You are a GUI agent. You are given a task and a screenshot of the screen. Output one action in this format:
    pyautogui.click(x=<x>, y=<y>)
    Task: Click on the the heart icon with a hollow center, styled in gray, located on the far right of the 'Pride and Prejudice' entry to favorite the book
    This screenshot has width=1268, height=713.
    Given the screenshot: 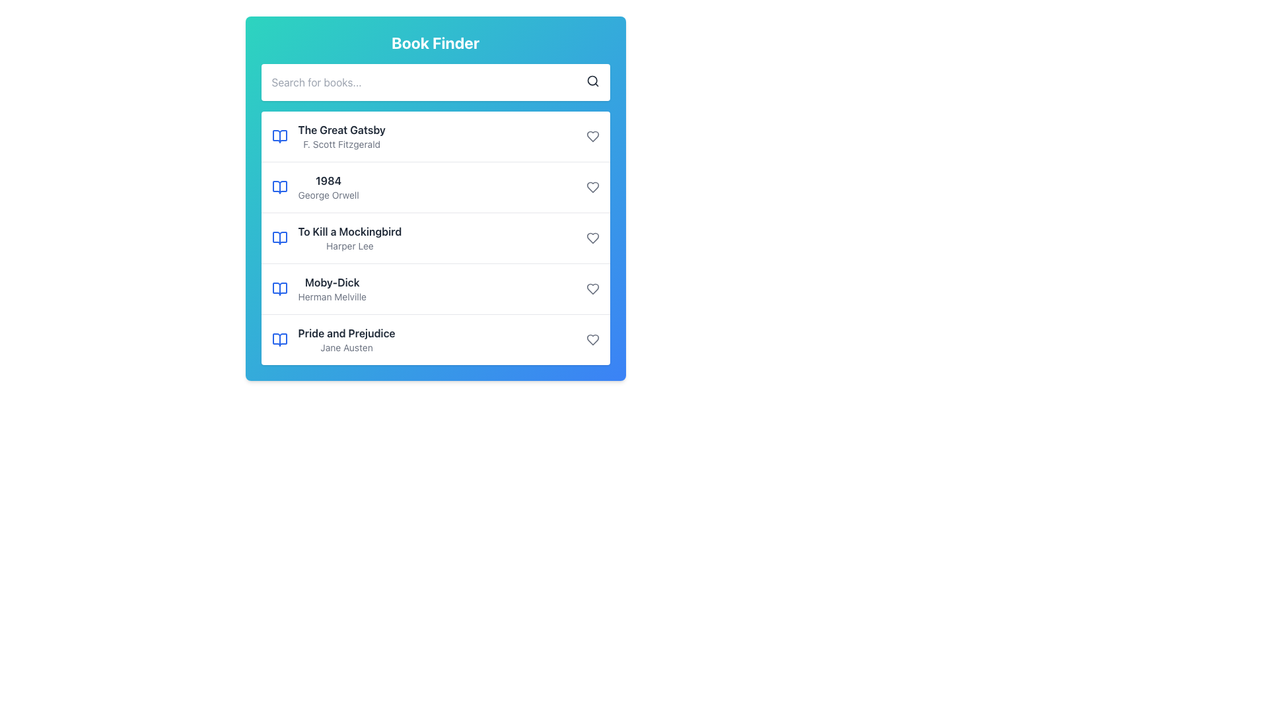 What is the action you would take?
    pyautogui.click(x=592, y=339)
    